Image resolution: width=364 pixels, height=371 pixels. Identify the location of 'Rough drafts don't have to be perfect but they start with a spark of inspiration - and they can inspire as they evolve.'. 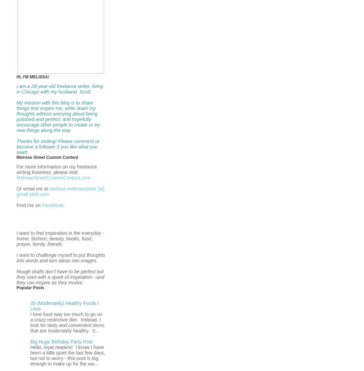
(17, 276).